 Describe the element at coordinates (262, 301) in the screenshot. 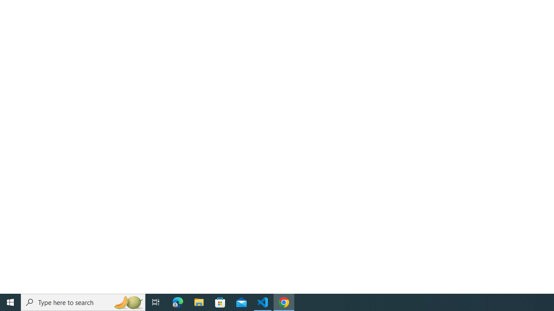

I see `'Visual Studio Code - 1 running window'` at that location.